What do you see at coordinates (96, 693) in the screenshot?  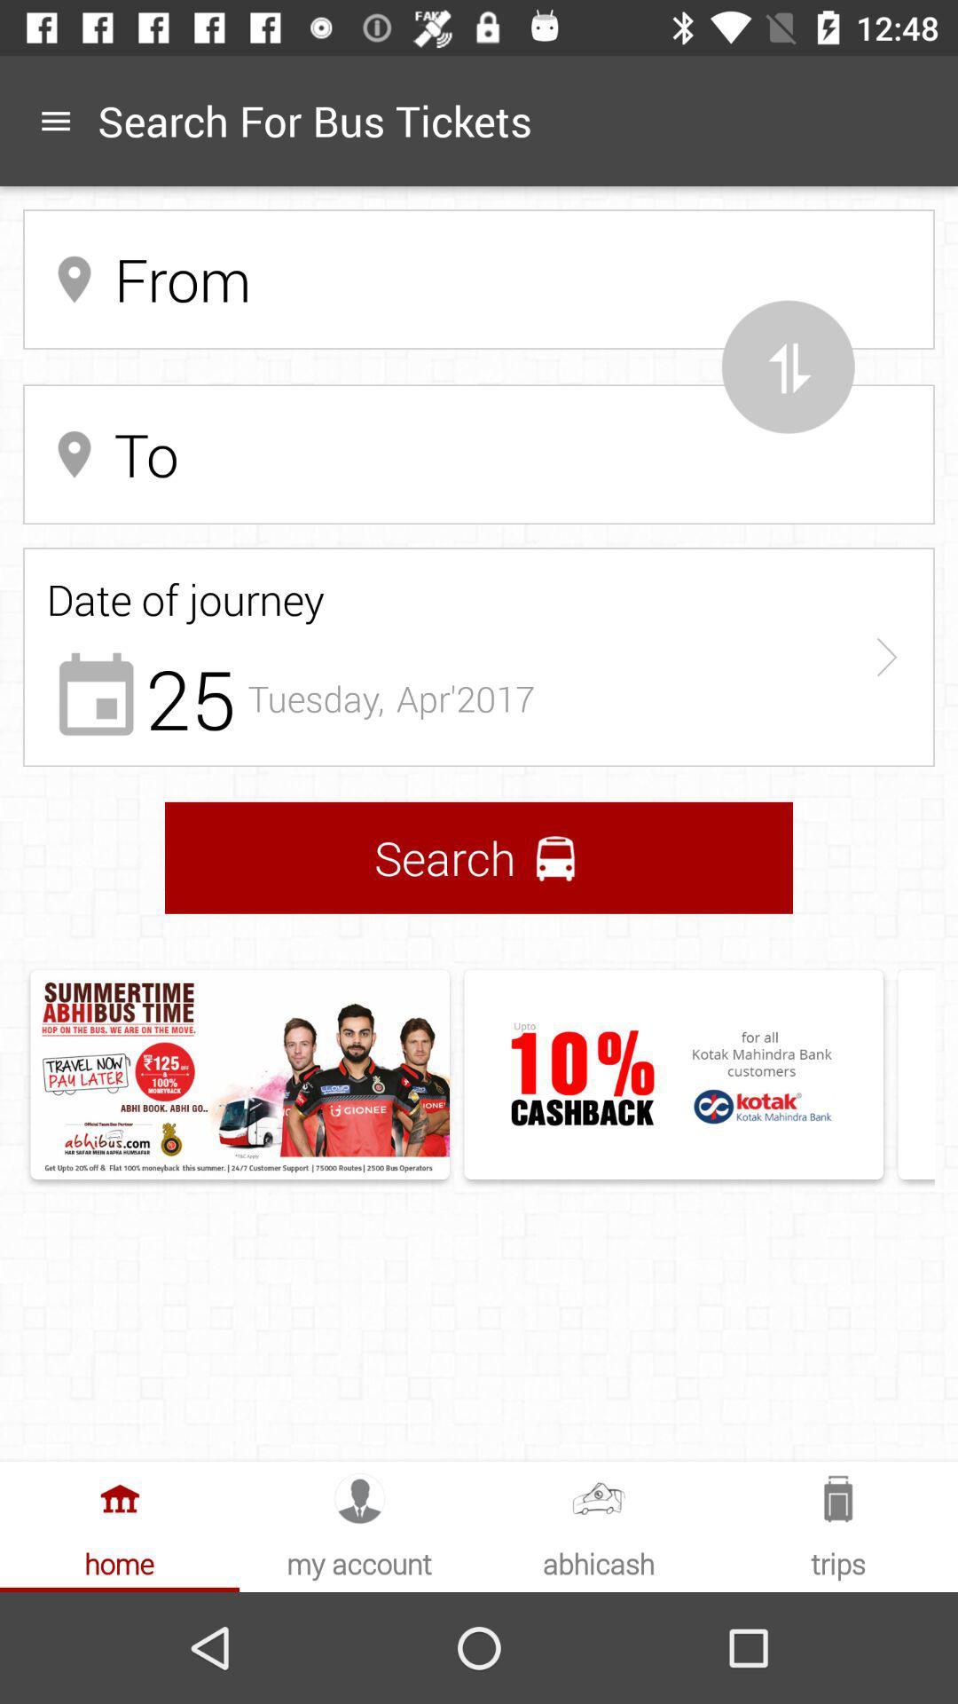 I see `the calender icon which is below the date of journey` at bounding box center [96, 693].